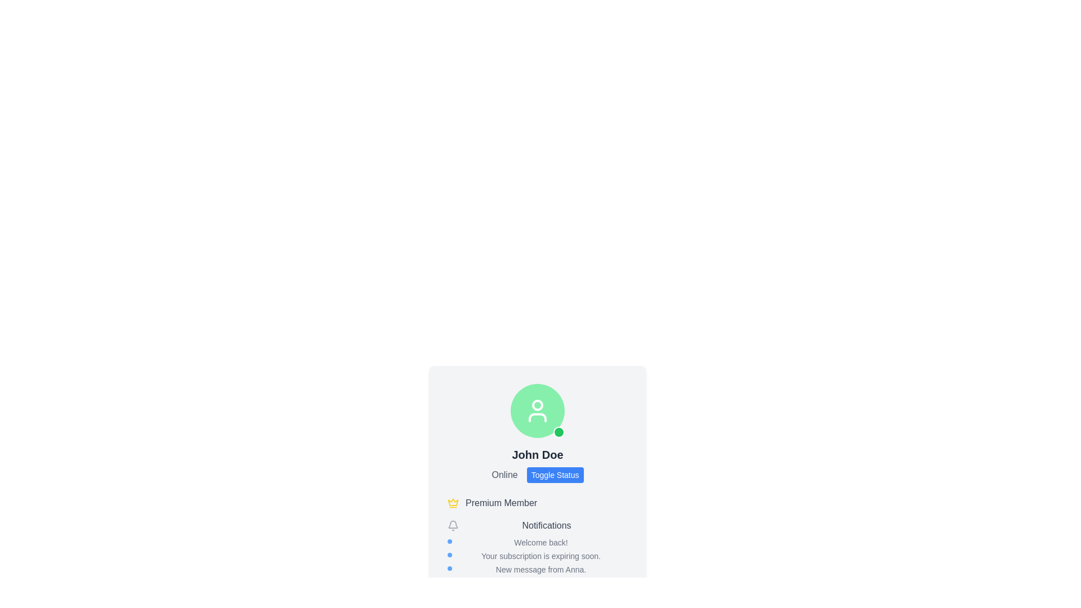 Image resolution: width=1081 pixels, height=608 pixels. What do you see at coordinates (537, 555) in the screenshot?
I see `the Text Label element that displays the notification message 'Your subscription is expiring soon.'` at bounding box center [537, 555].